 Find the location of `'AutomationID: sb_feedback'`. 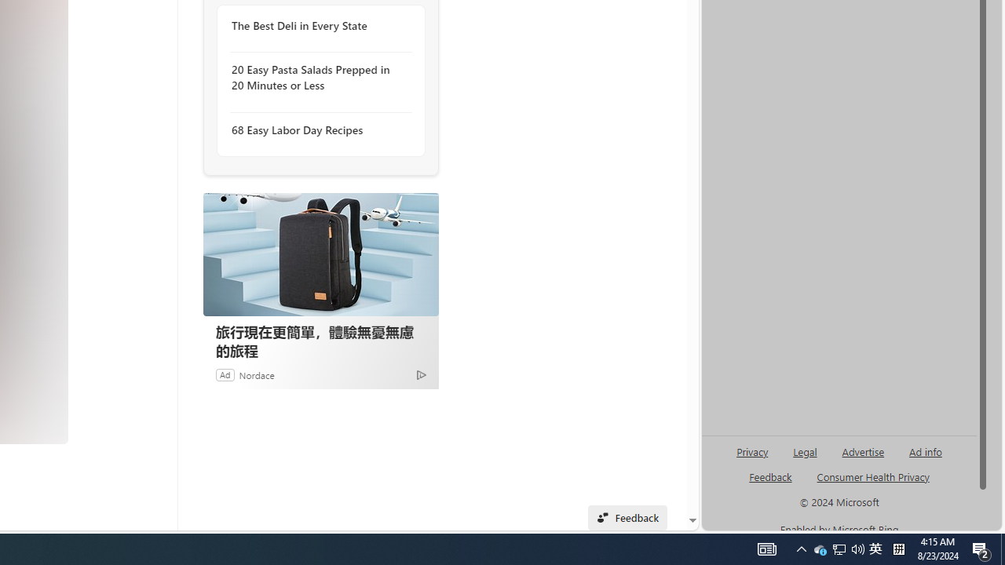

'AutomationID: sb_feedback' is located at coordinates (770, 476).